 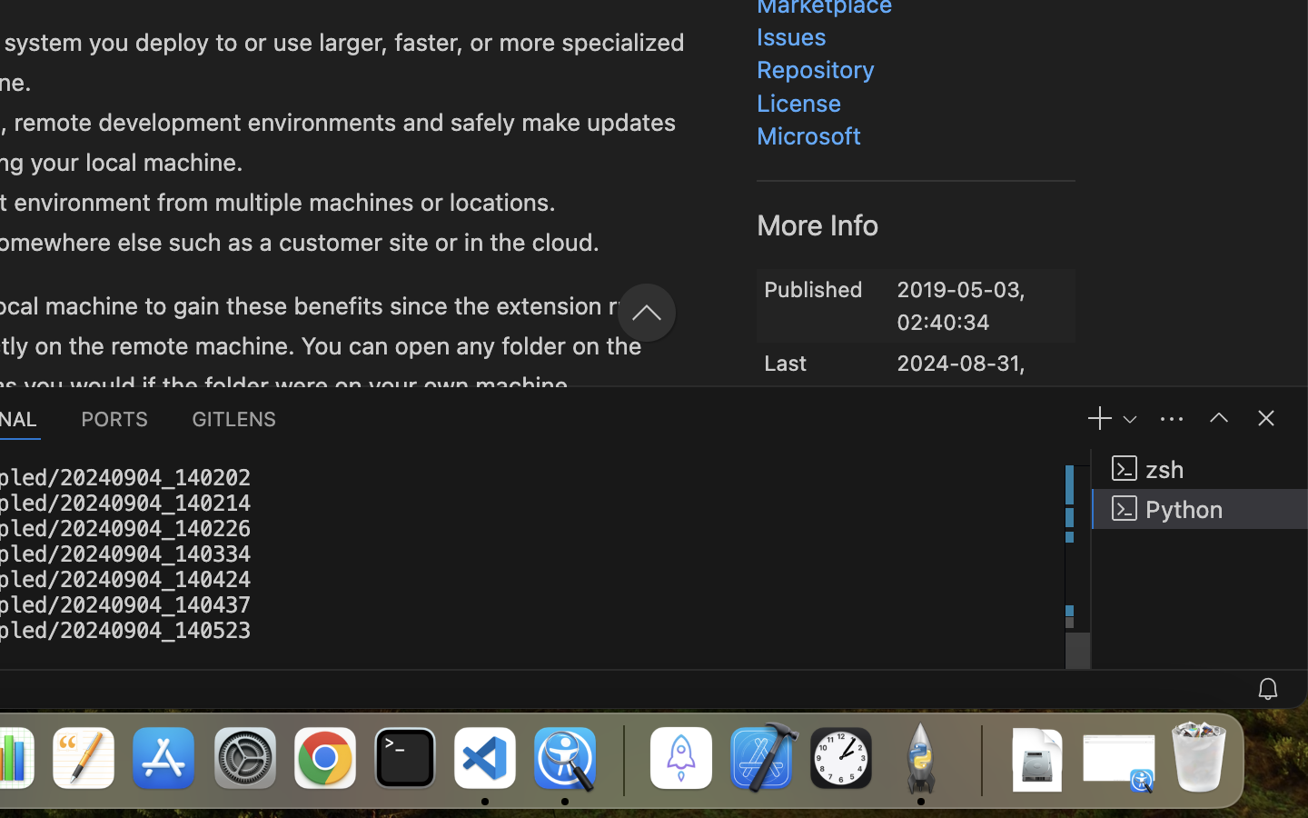 I want to click on 'Published', so click(x=812, y=287).